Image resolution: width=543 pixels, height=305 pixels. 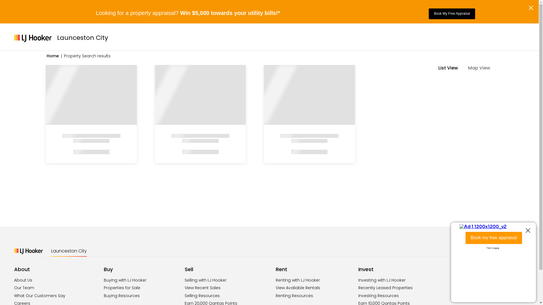 What do you see at coordinates (202, 287) in the screenshot?
I see `'View Recent Sales'` at bounding box center [202, 287].